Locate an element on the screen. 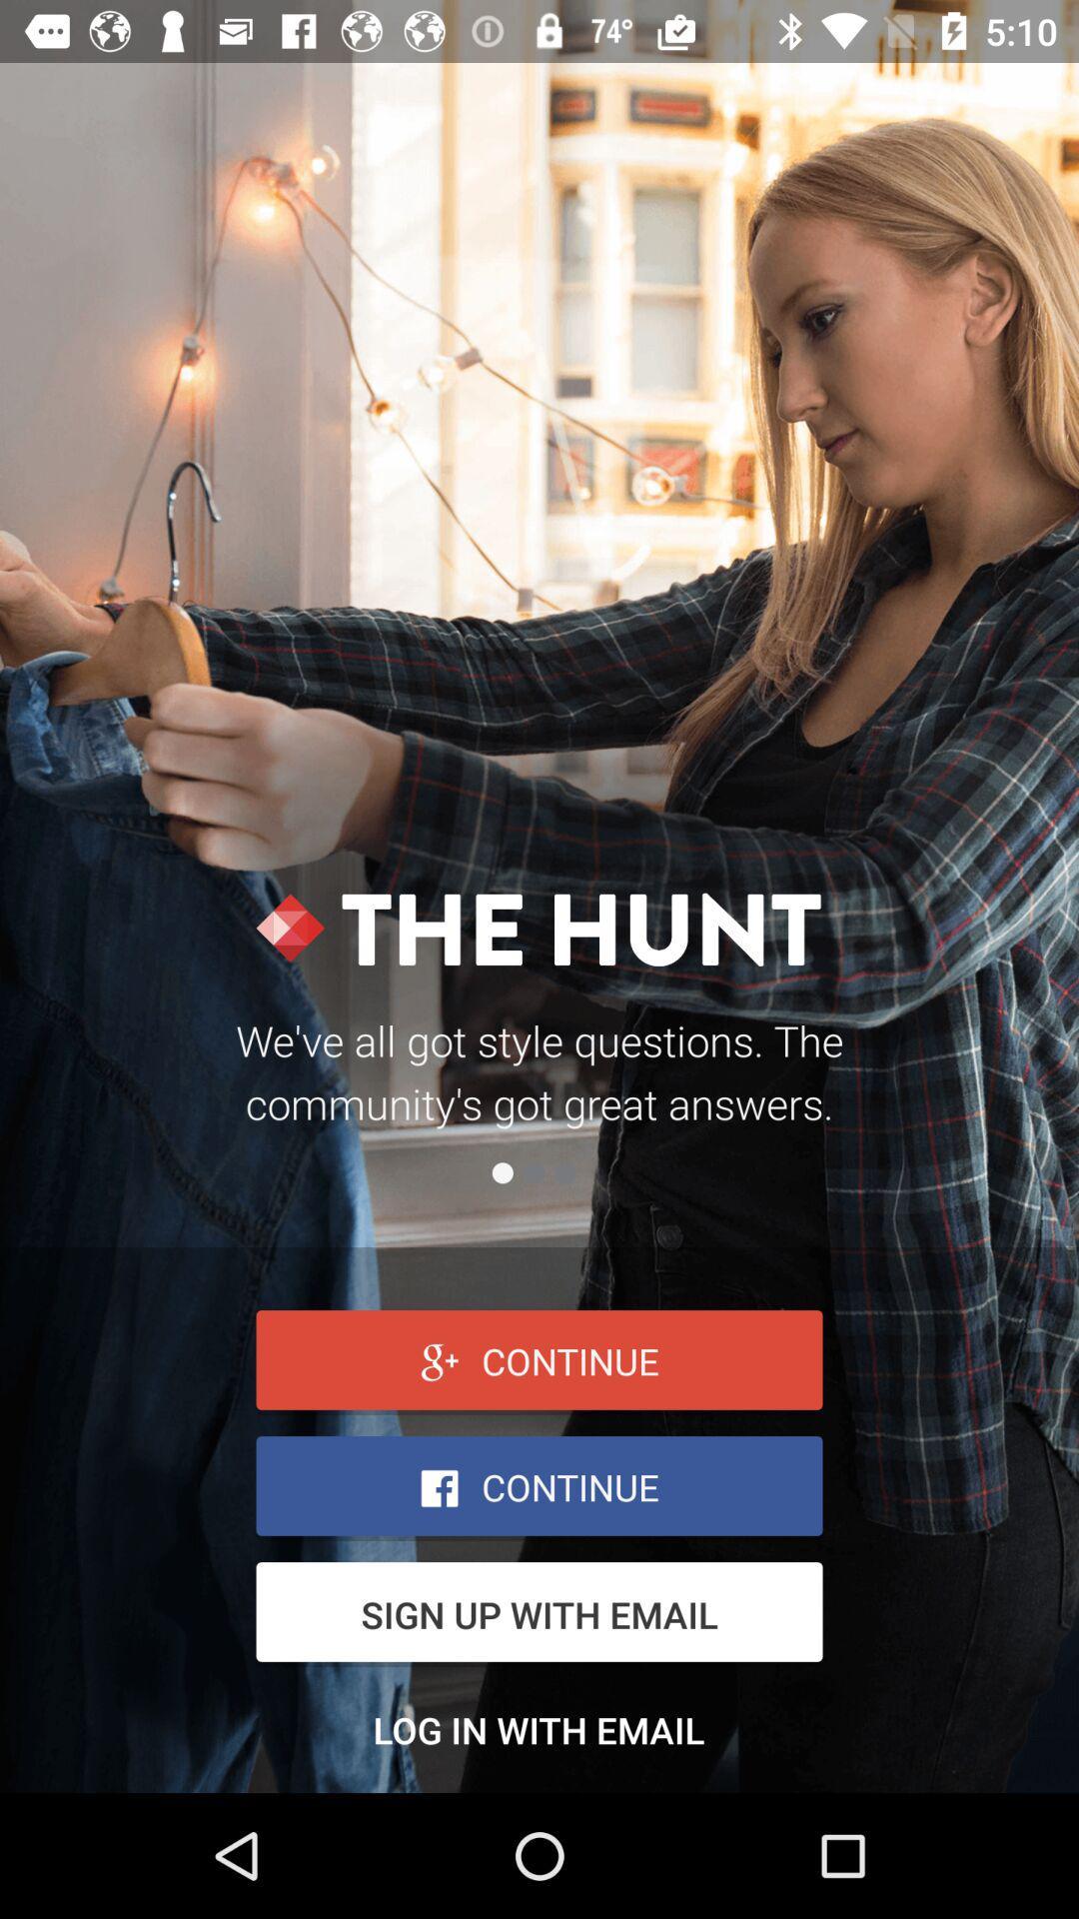  facebook box option is located at coordinates (539, 1488).